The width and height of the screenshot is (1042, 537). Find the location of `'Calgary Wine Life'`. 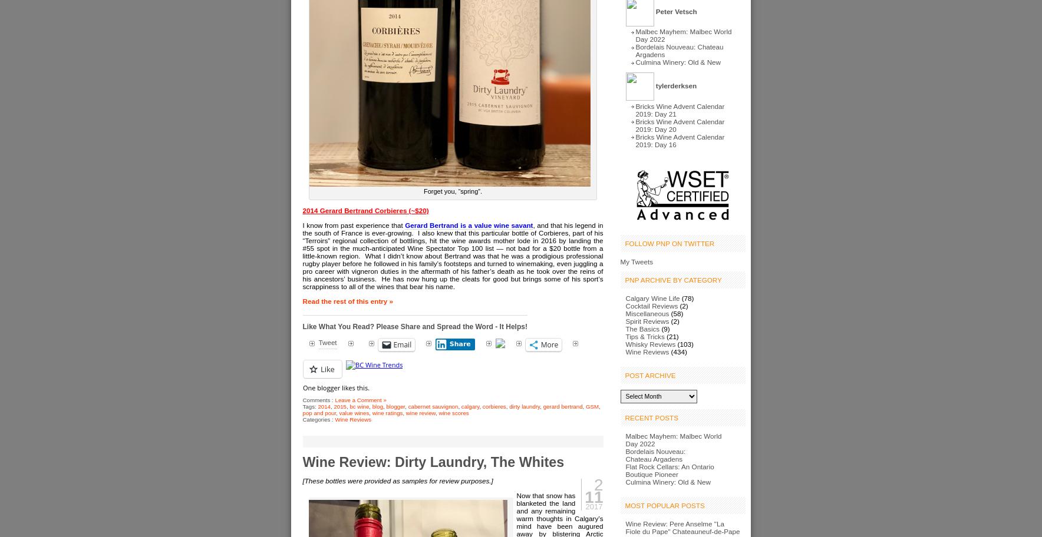

'Calgary Wine Life' is located at coordinates (652, 297).